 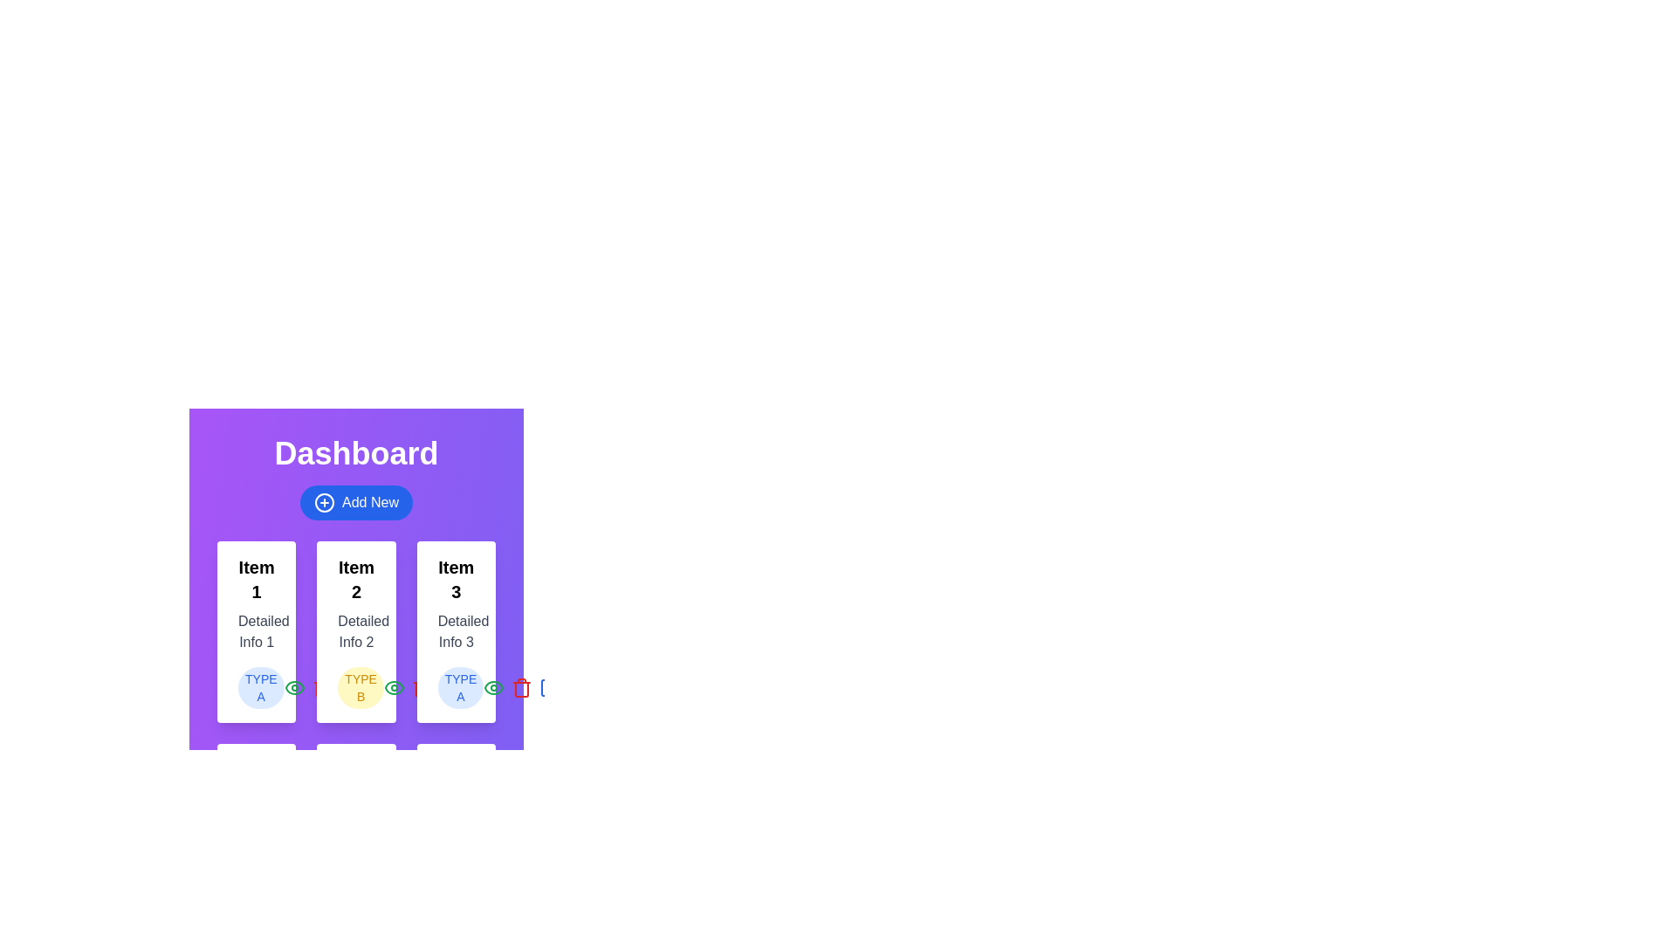 I want to click on 'Trash' icon on the item labeled Item 2 to delete it, so click(x=422, y=686).